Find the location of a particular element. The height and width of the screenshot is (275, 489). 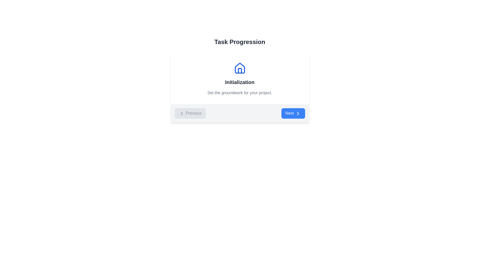

the leftward arrow icon, which is part of the 'Previous' button and is styled in a minimalistic outline design is located at coordinates (182, 113).